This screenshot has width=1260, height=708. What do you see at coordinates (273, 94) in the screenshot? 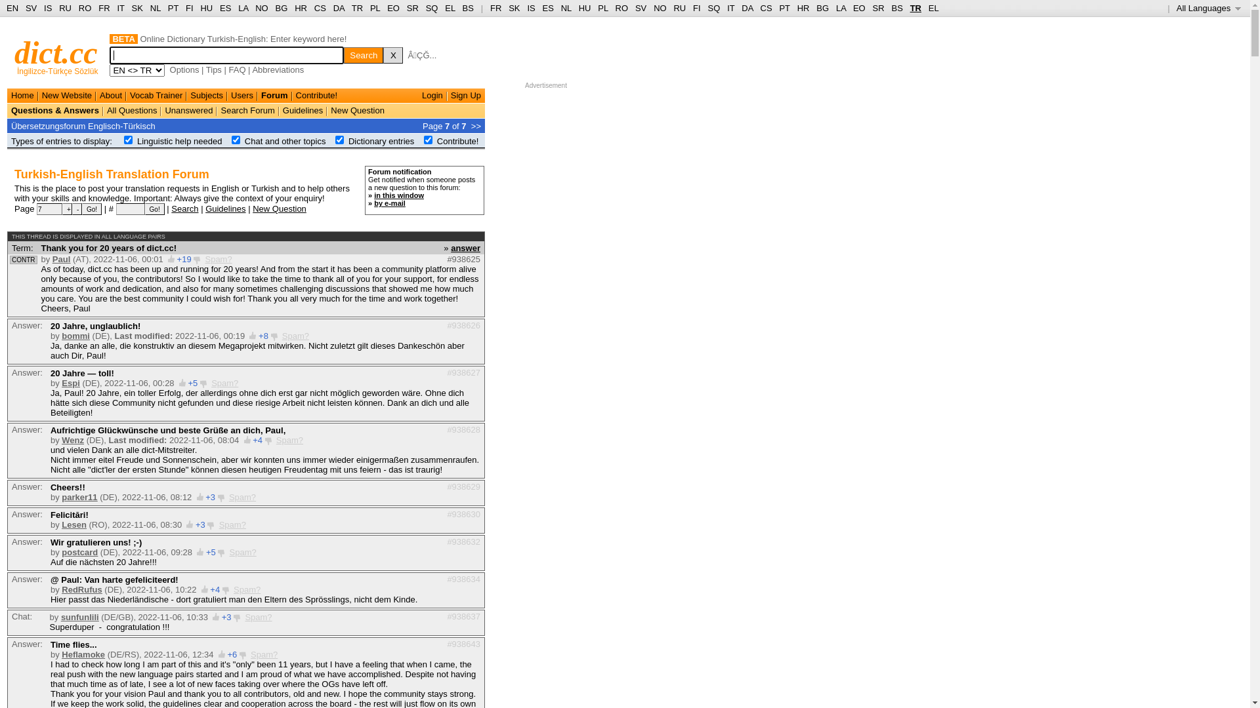
I see `'Forum'` at bounding box center [273, 94].